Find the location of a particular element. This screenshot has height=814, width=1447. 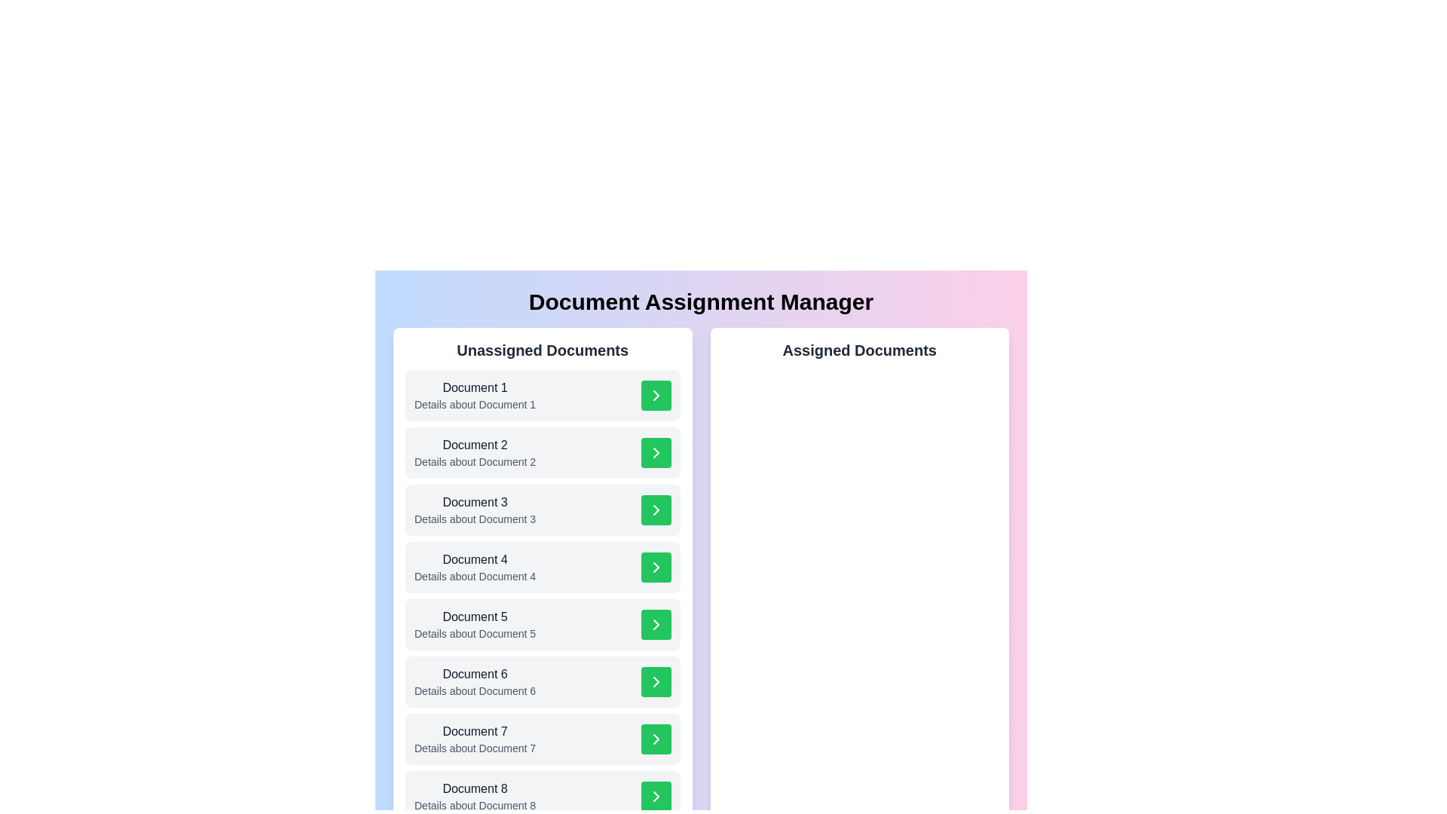

the fourth list item titled 'Document 4' is located at coordinates (543, 567).